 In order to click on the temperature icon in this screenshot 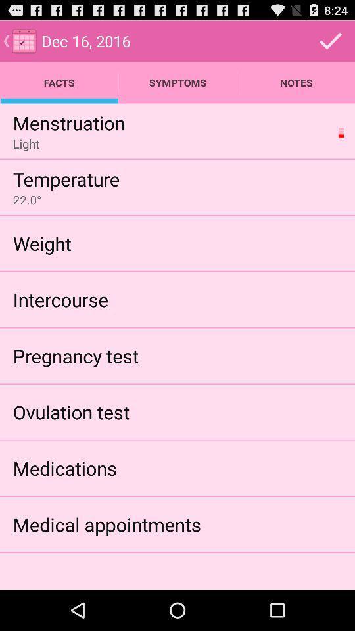, I will do `click(66, 178)`.